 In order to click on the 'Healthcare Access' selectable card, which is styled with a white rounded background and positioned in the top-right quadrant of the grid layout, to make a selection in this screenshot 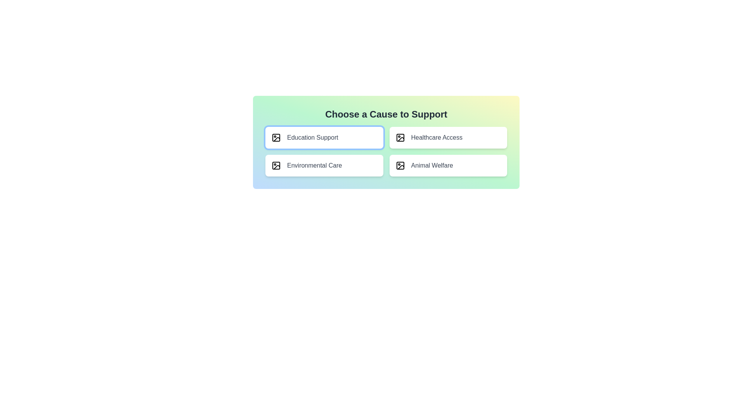, I will do `click(448, 137)`.